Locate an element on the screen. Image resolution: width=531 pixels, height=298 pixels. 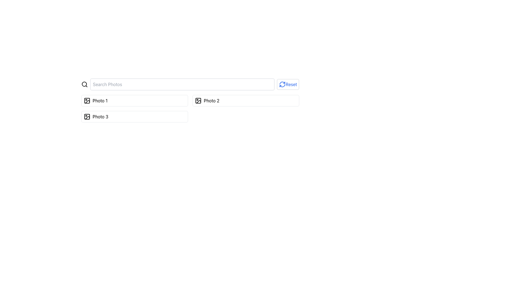
the rectangular vector graphic element associated with the 'Photo 2' label, which is part of a vertical list of photo icons is located at coordinates (198, 101).